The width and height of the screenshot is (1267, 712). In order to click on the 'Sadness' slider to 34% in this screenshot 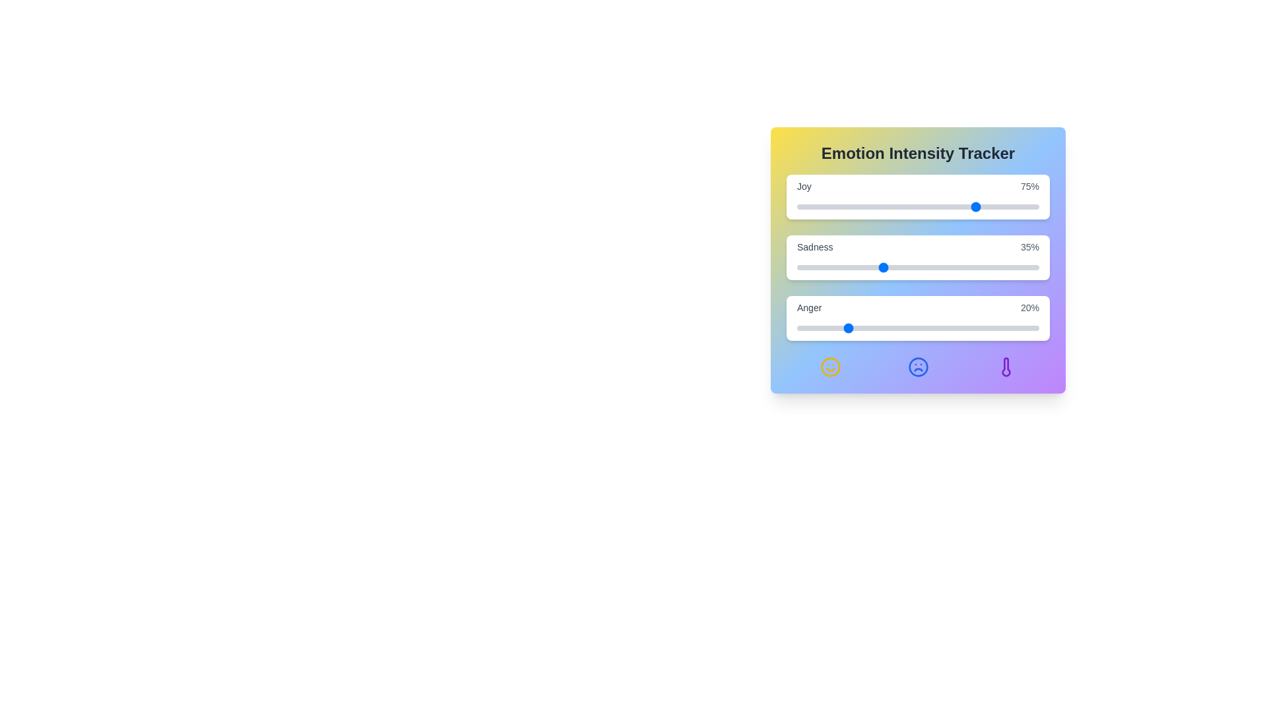, I will do `click(879, 267)`.